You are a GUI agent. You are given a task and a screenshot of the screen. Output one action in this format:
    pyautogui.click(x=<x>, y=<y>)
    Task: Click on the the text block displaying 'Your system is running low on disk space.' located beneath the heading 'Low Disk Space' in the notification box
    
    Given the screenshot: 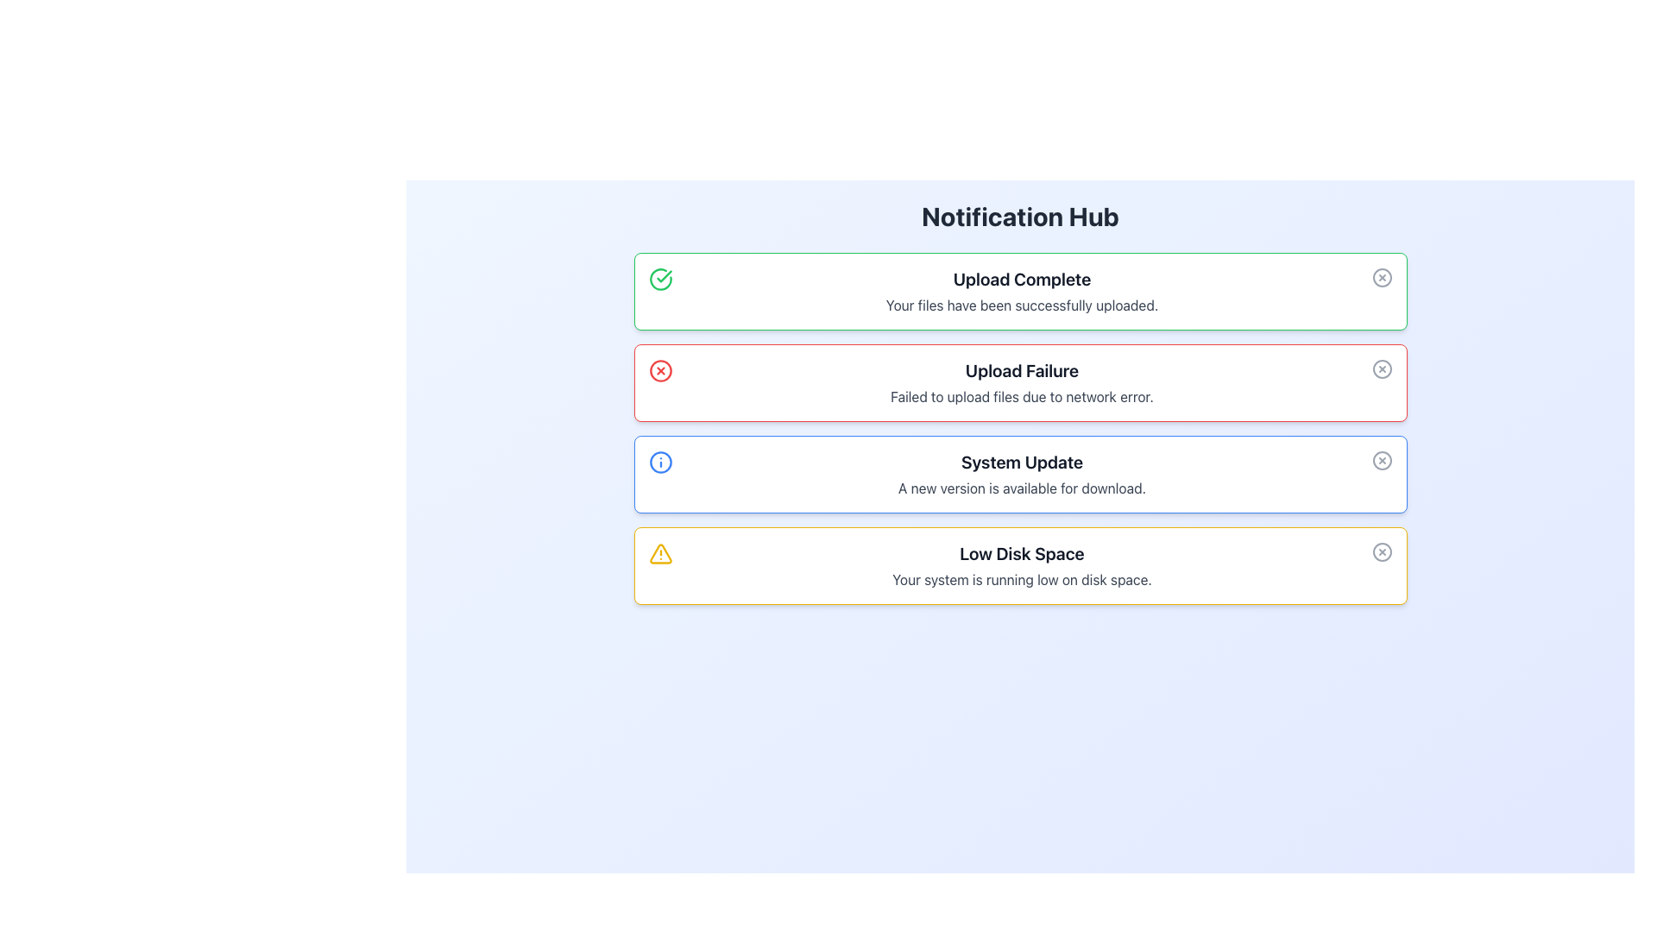 What is the action you would take?
    pyautogui.click(x=1022, y=579)
    